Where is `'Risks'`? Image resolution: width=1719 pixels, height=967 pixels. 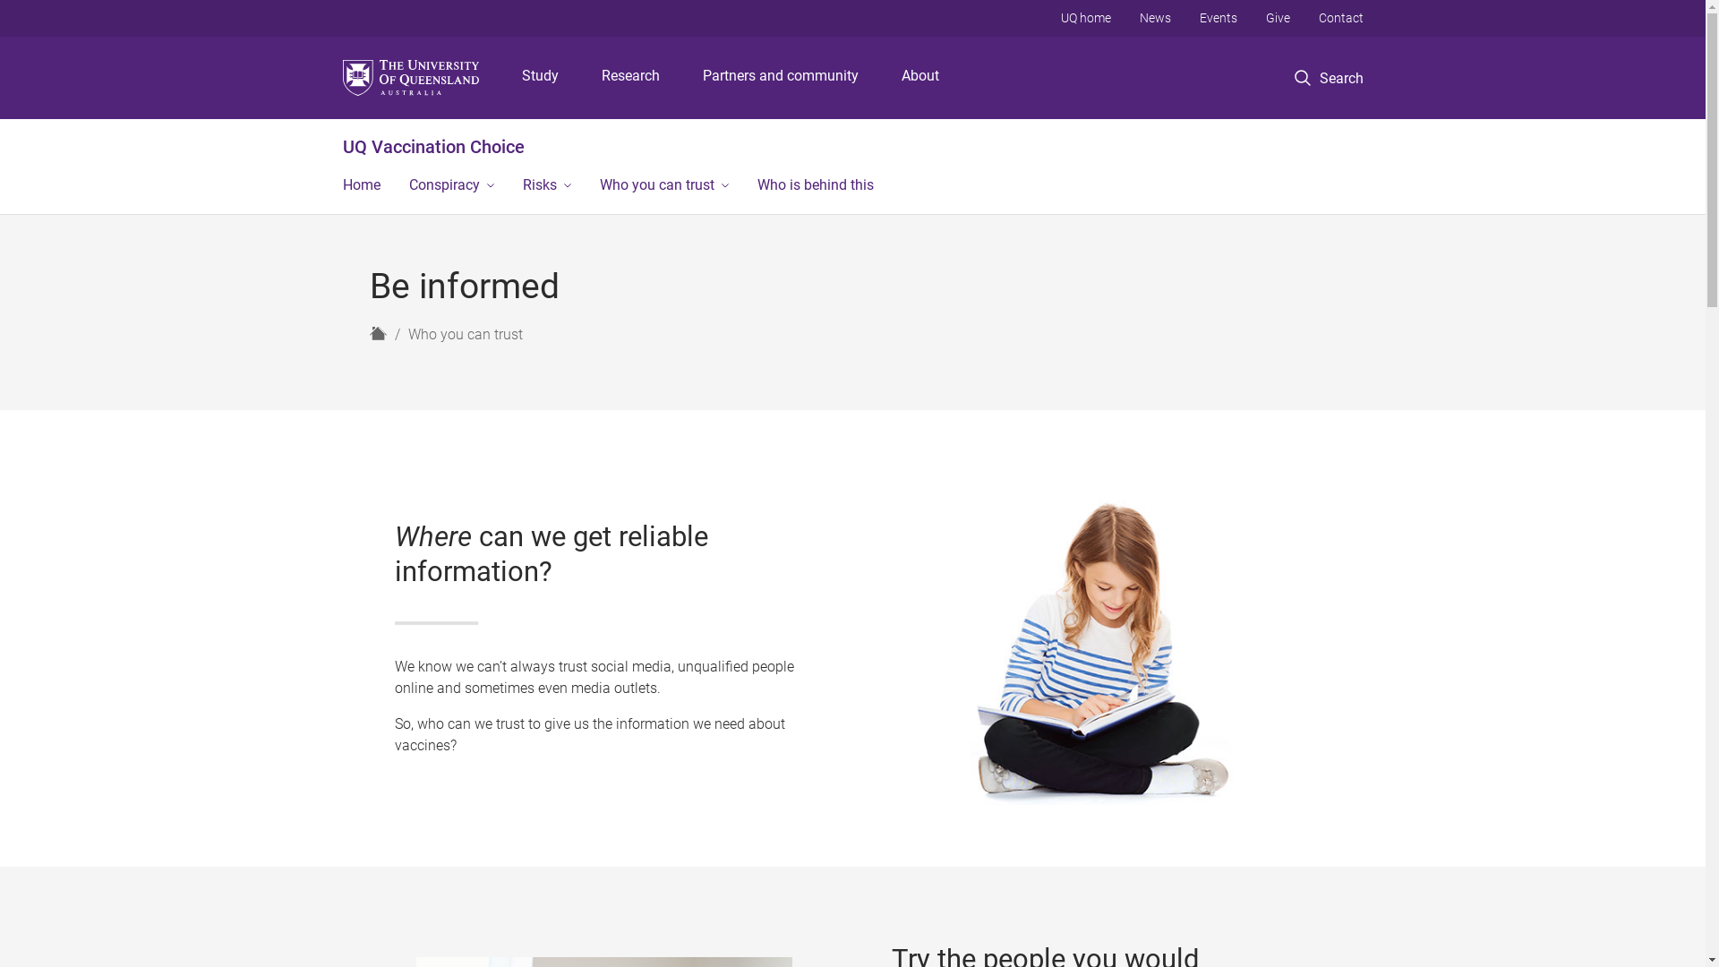
'Risks' is located at coordinates (507, 186).